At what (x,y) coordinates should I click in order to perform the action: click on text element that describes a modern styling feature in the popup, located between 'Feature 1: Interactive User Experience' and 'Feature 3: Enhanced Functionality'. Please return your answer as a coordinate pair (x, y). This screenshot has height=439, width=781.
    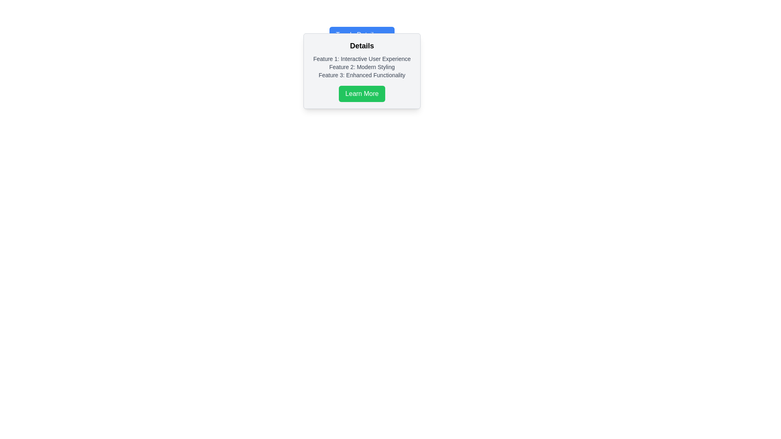
    Looking at the image, I should click on (361, 67).